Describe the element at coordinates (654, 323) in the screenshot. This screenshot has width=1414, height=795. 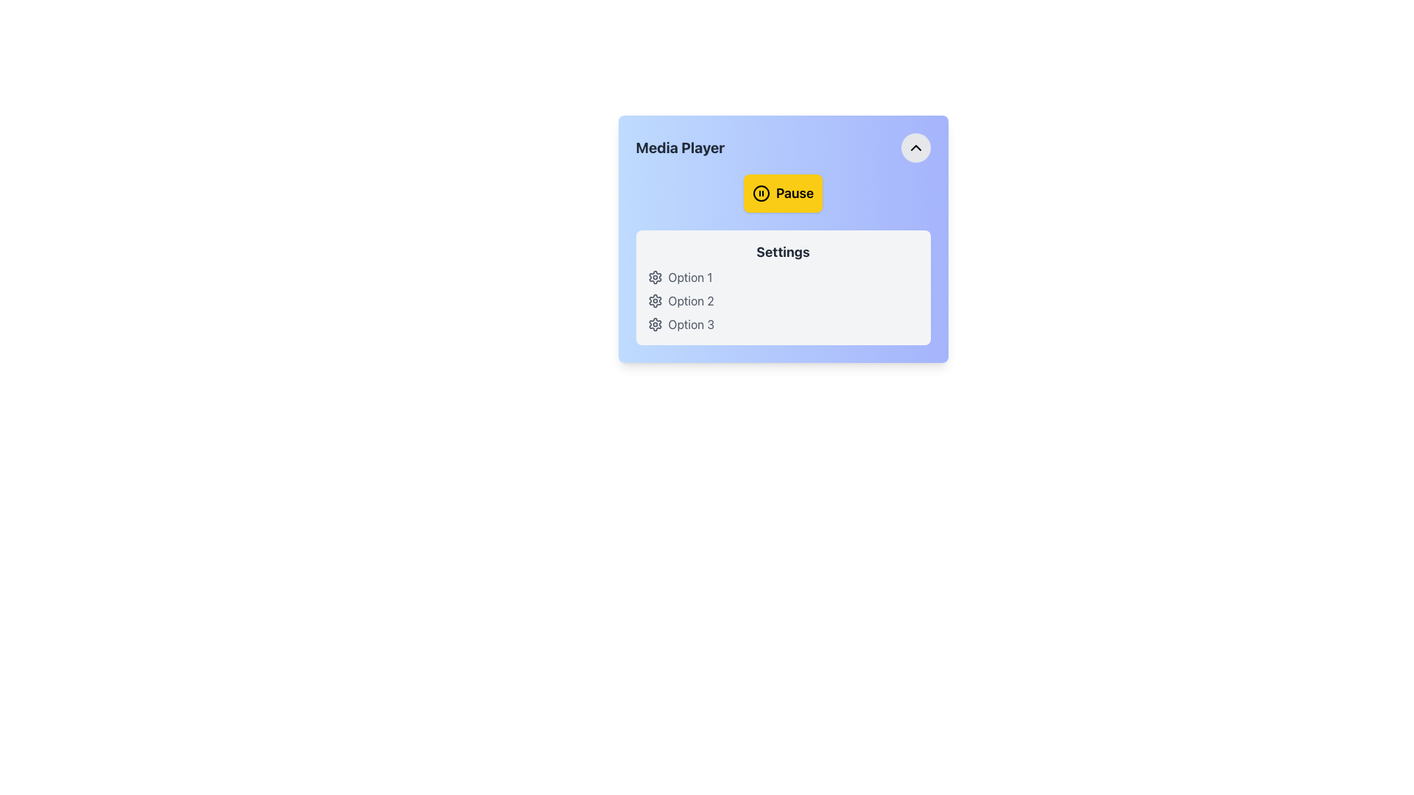
I see `the gear-like icon in the settings menu next to 'Option 3'` at that location.